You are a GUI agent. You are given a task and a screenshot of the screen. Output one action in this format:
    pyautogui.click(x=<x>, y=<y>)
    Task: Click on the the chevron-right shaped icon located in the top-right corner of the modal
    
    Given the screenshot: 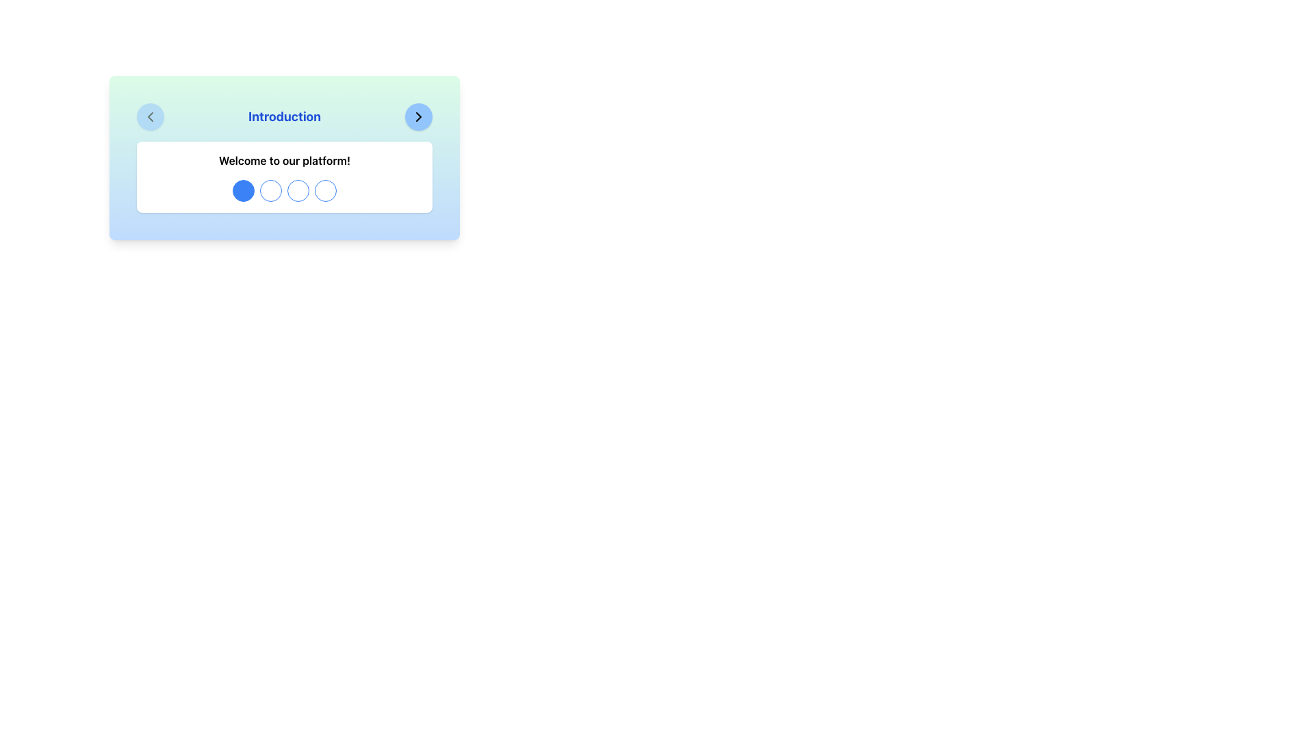 What is the action you would take?
    pyautogui.click(x=417, y=116)
    